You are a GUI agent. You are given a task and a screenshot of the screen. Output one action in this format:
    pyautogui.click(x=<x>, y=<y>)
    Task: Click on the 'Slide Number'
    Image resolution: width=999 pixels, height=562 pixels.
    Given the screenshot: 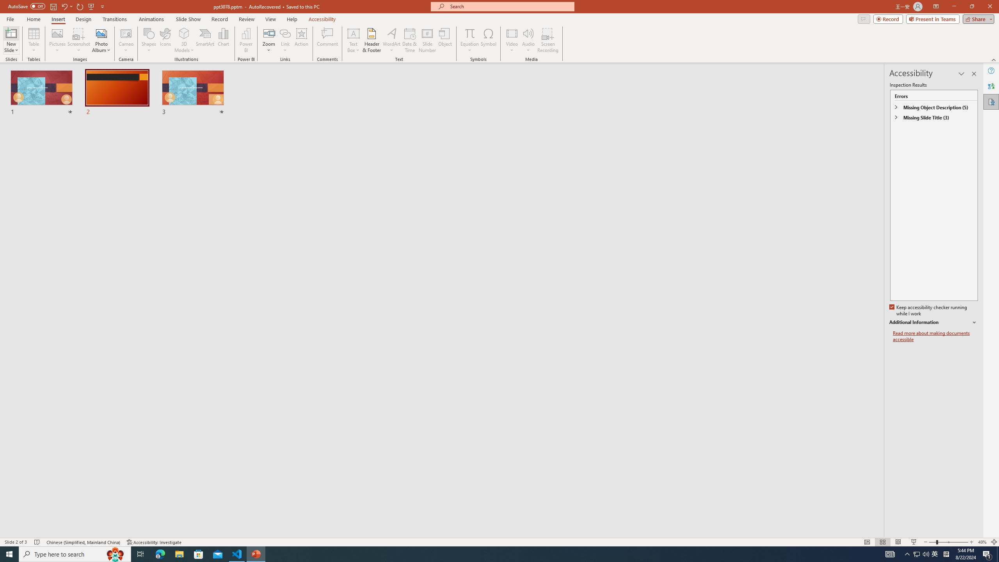 What is the action you would take?
    pyautogui.click(x=427, y=40)
    